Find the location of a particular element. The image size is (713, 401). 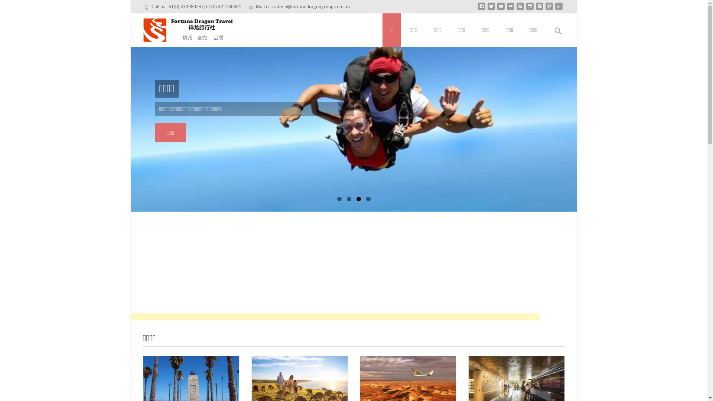

'facebook' is located at coordinates (481, 9).